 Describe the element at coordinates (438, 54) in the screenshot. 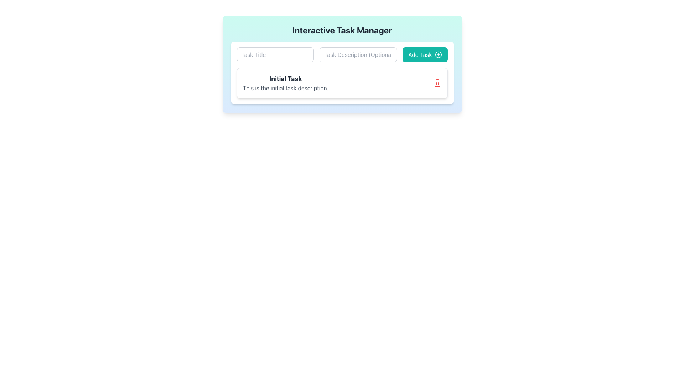

I see `'add' icon located inside the green 'Add Task' button, which appears to the right of the label 'Add Task'` at that location.